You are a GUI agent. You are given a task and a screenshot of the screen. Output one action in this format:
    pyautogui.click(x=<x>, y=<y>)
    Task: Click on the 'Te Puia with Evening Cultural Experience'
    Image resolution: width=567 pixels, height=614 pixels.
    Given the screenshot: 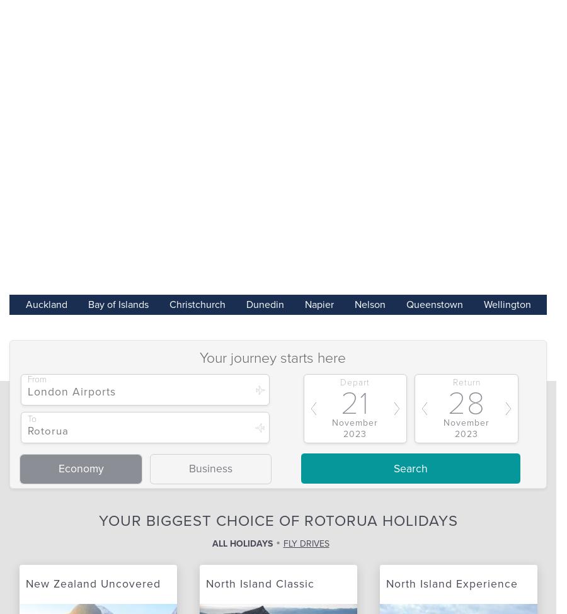 What is the action you would take?
    pyautogui.click(x=348, y=41)
    